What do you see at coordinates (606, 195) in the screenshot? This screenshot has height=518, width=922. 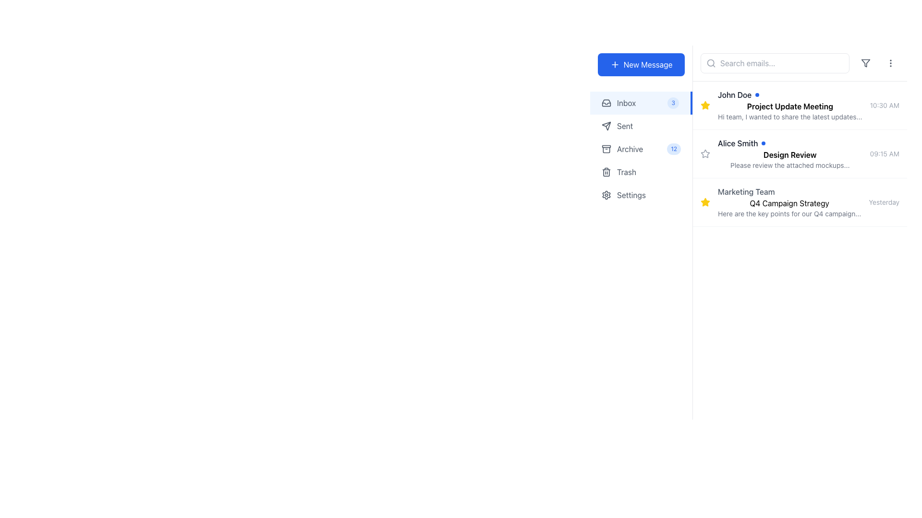 I see `the gear icon located in the settings menu on the left sidebar, which is distinct with a circular center and protruding spokes` at bounding box center [606, 195].